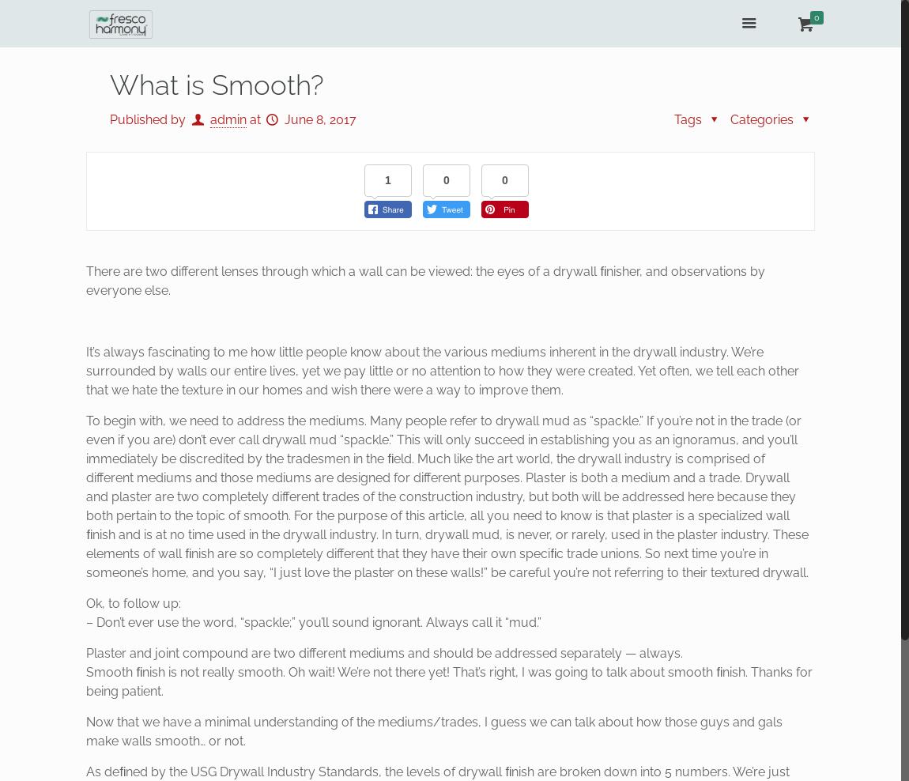 This screenshot has width=909, height=781. What do you see at coordinates (425, 281) in the screenshot?
I see `'There are two different lenses through which a wall can be viewed: the eyes of a drywall ﬁnisher, and observations by everyone else.'` at bounding box center [425, 281].